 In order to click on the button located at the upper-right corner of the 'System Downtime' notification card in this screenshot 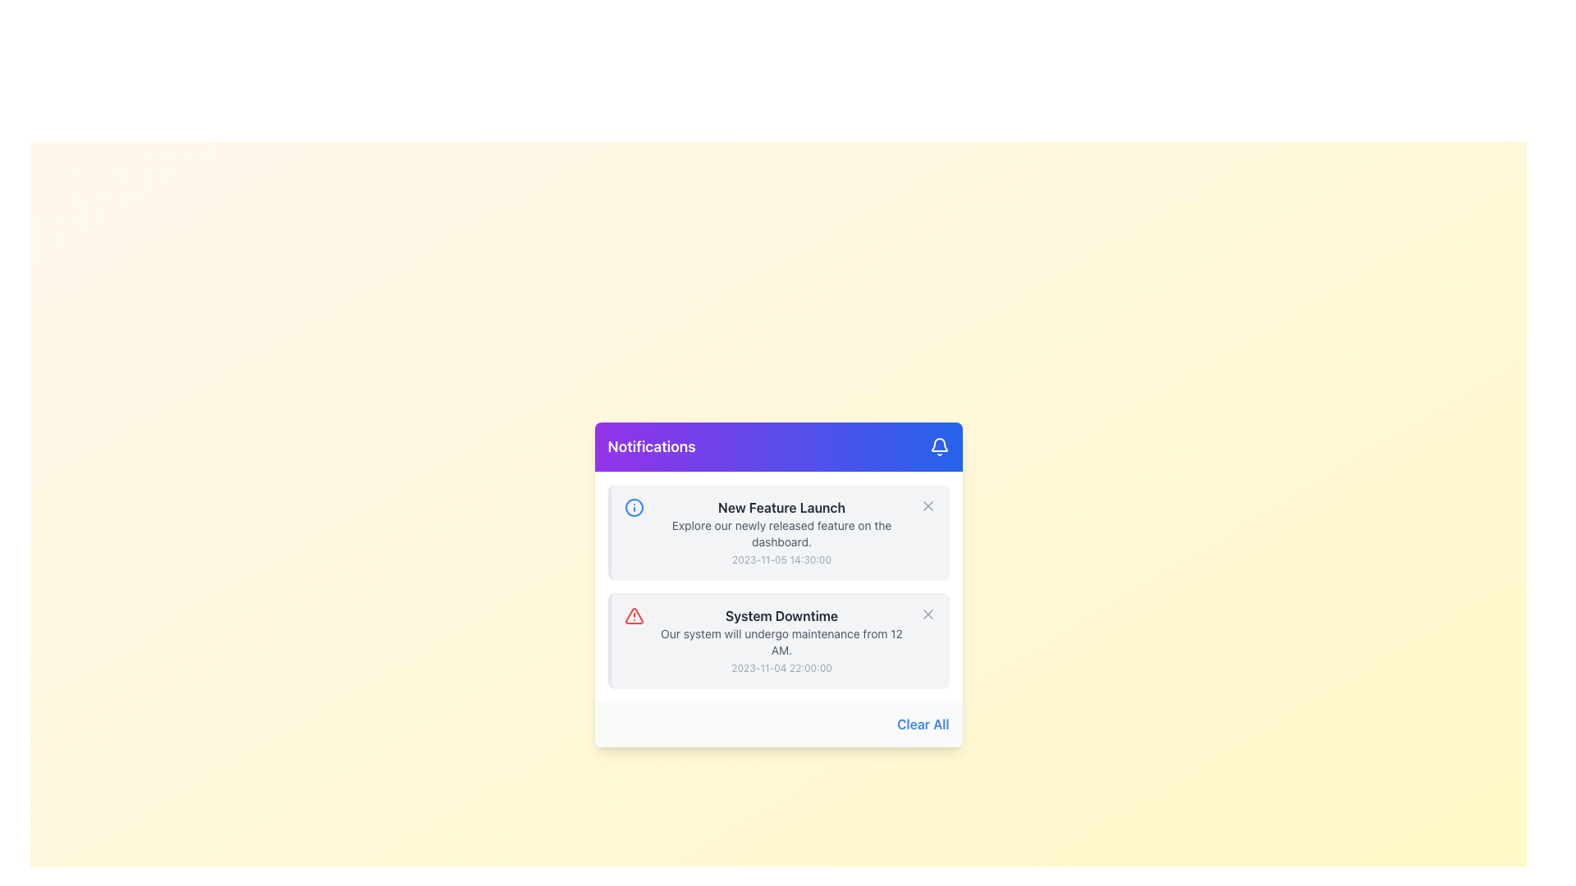, I will do `click(928, 614)`.